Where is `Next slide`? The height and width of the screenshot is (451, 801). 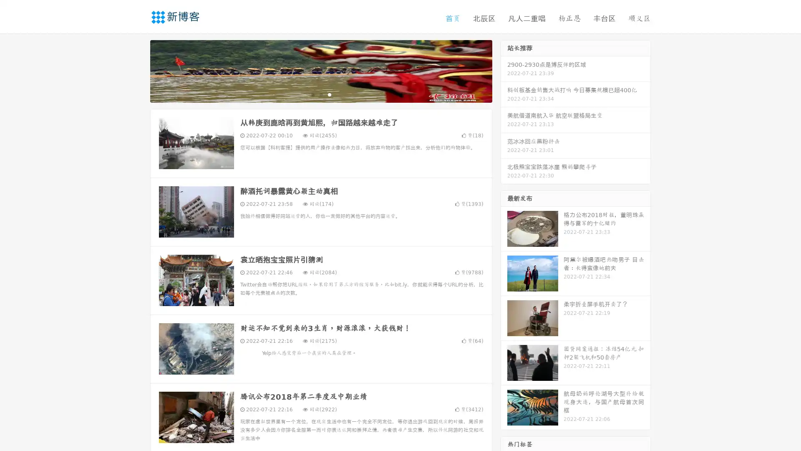
Next slide is located at coordinates (504, 70).